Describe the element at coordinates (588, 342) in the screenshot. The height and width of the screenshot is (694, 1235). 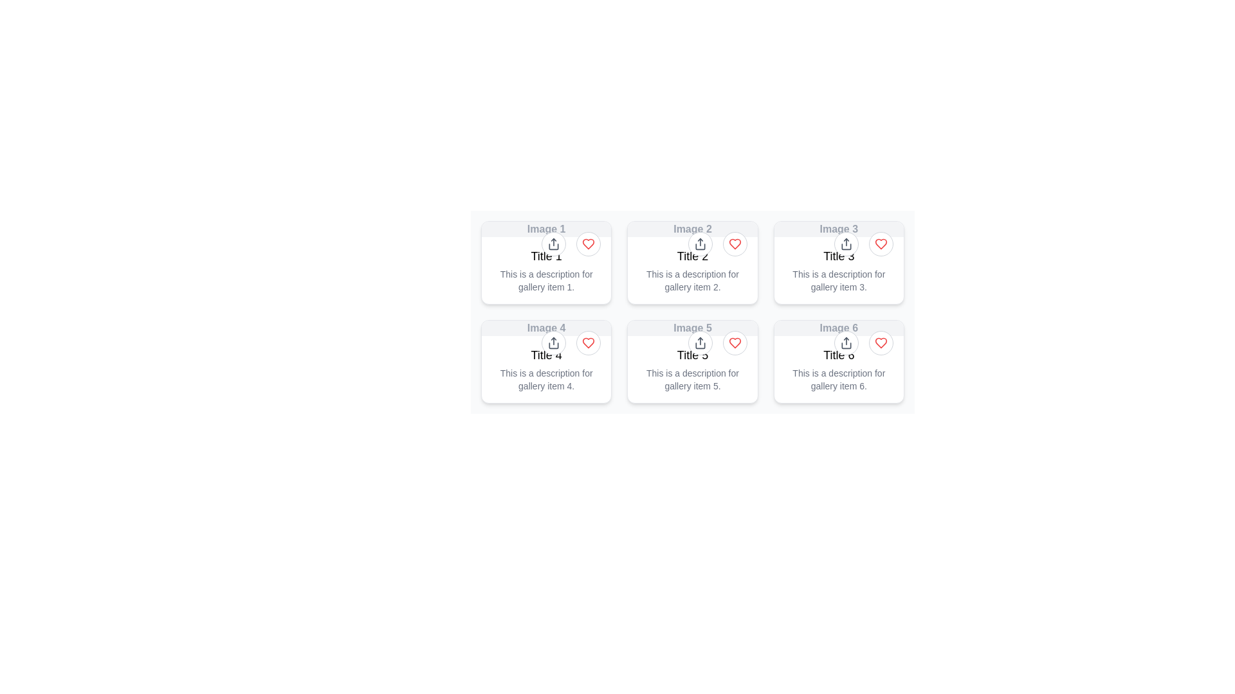
I see `the heart icon button located at the top-right corner of the fourth tile in the item grid` at that location.